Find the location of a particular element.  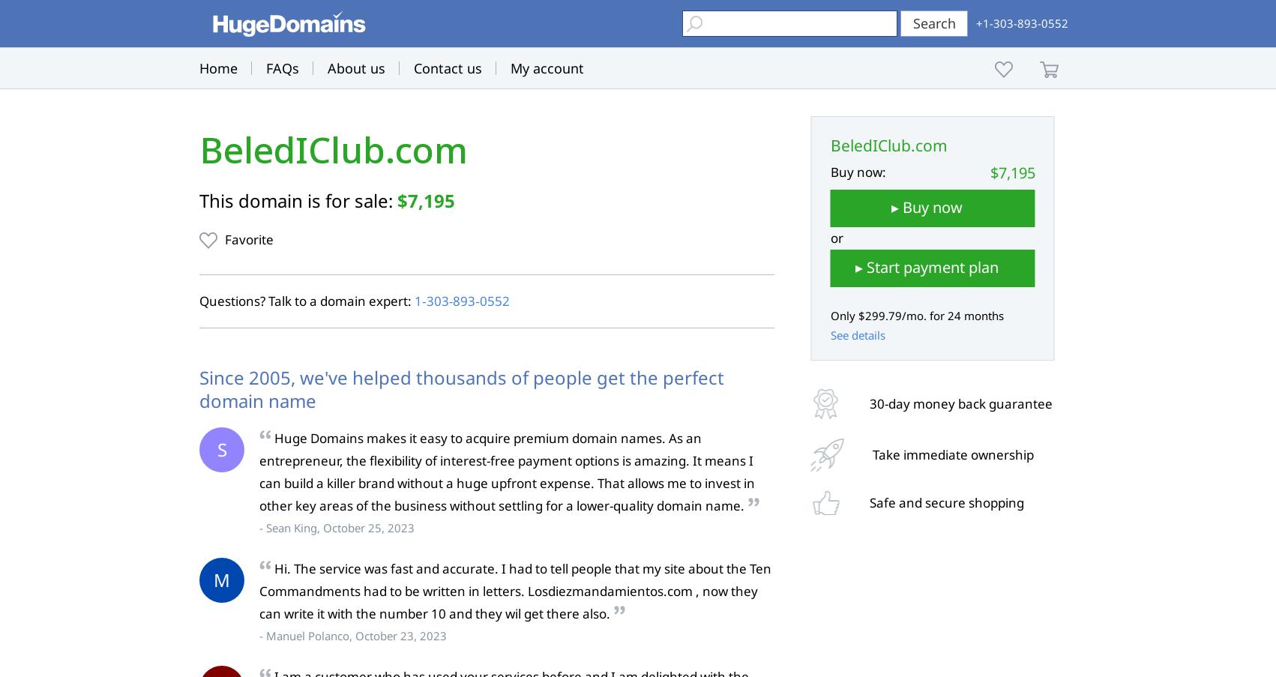

'Questions? Talk to a domain expert:' is located at coordinates (307, 300).